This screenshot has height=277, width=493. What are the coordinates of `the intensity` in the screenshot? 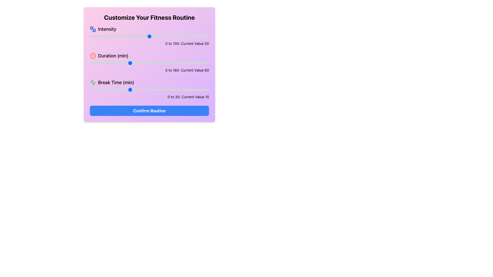 It's located at (133, 36).